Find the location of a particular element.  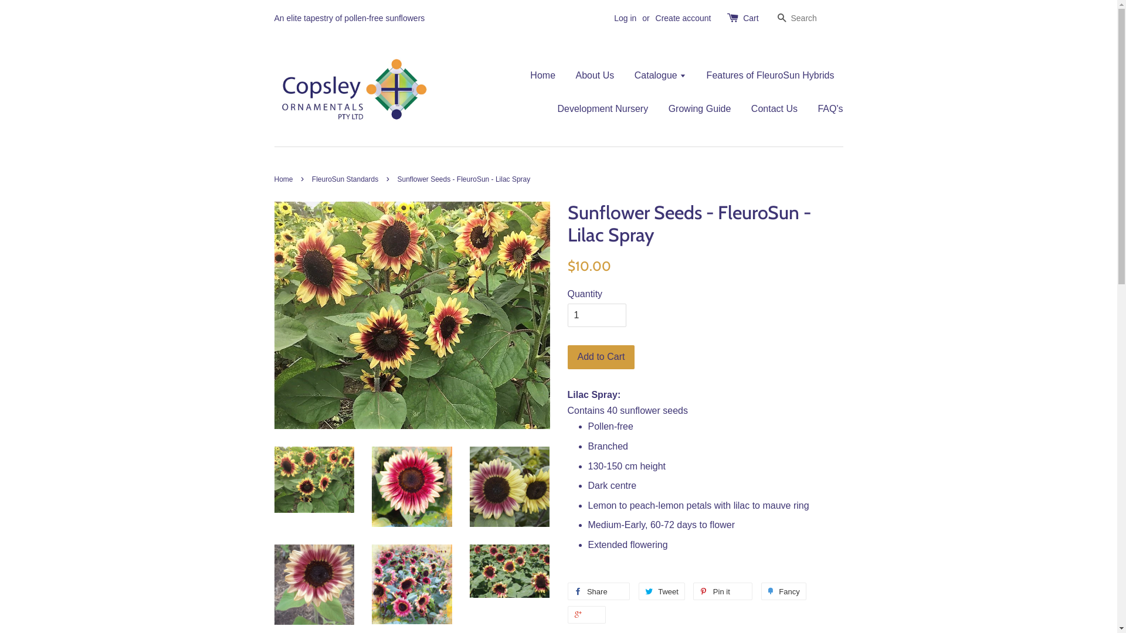

'About Us' is located at coordinates (594, 75).